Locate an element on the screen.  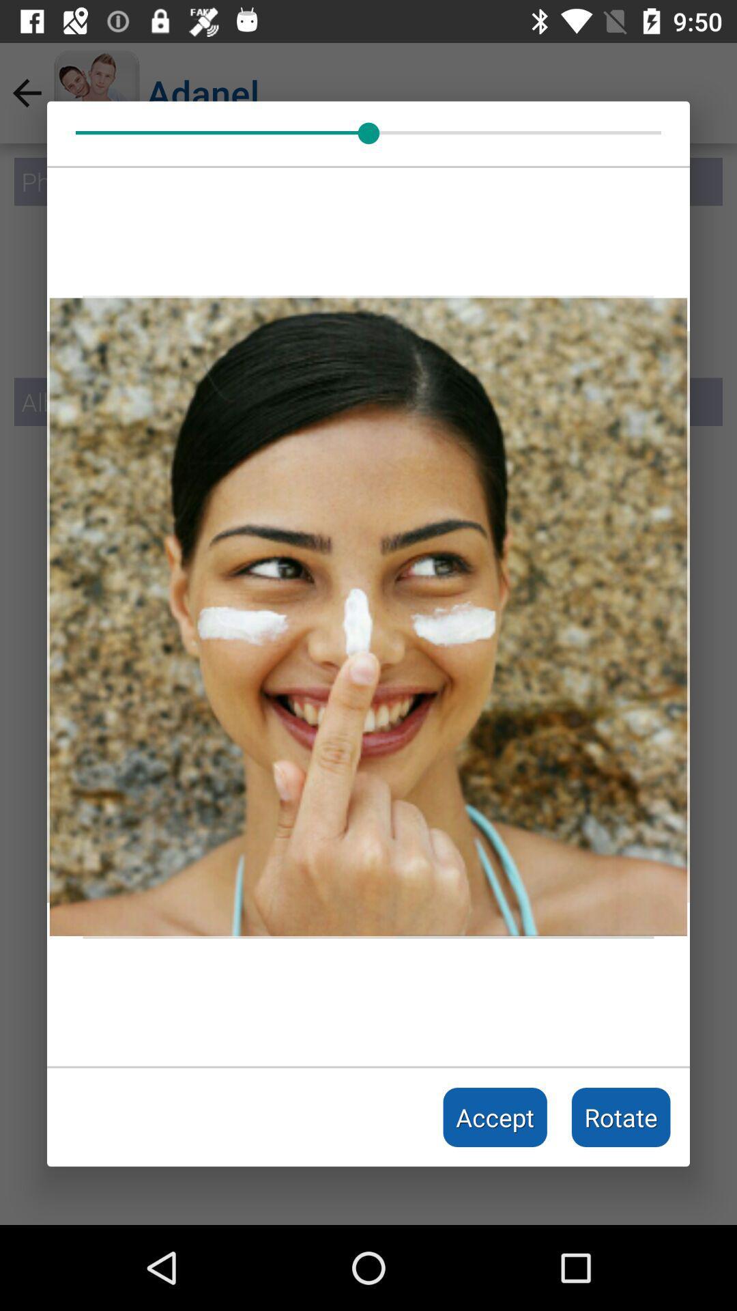
the rotate icon is located at coordinates (621, 1117).